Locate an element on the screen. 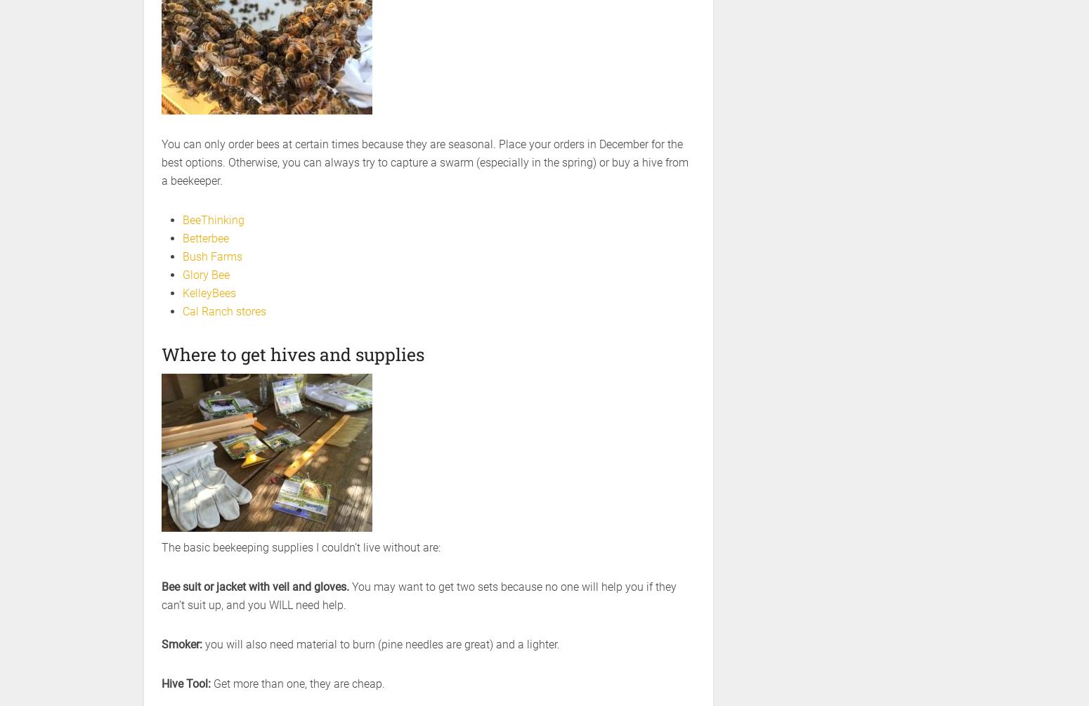  'BeeThinking' is located at coordinates (182, 219).